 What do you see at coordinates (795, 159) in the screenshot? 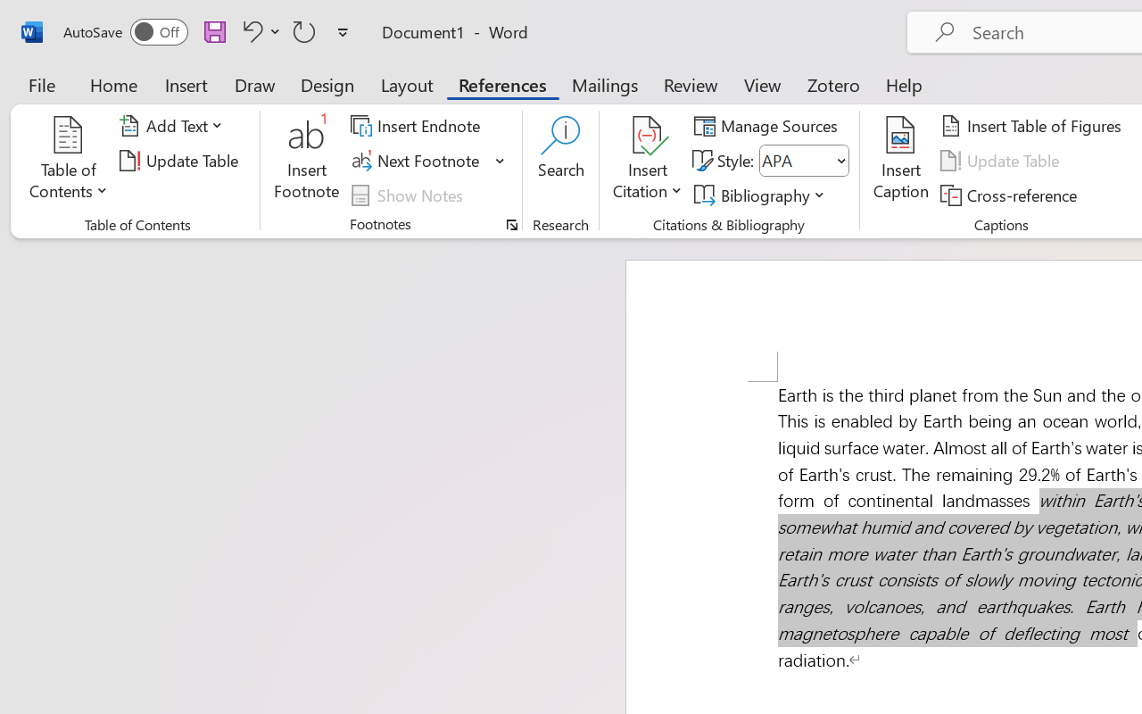
I see `'Style'` at bounding box center [795, 159].